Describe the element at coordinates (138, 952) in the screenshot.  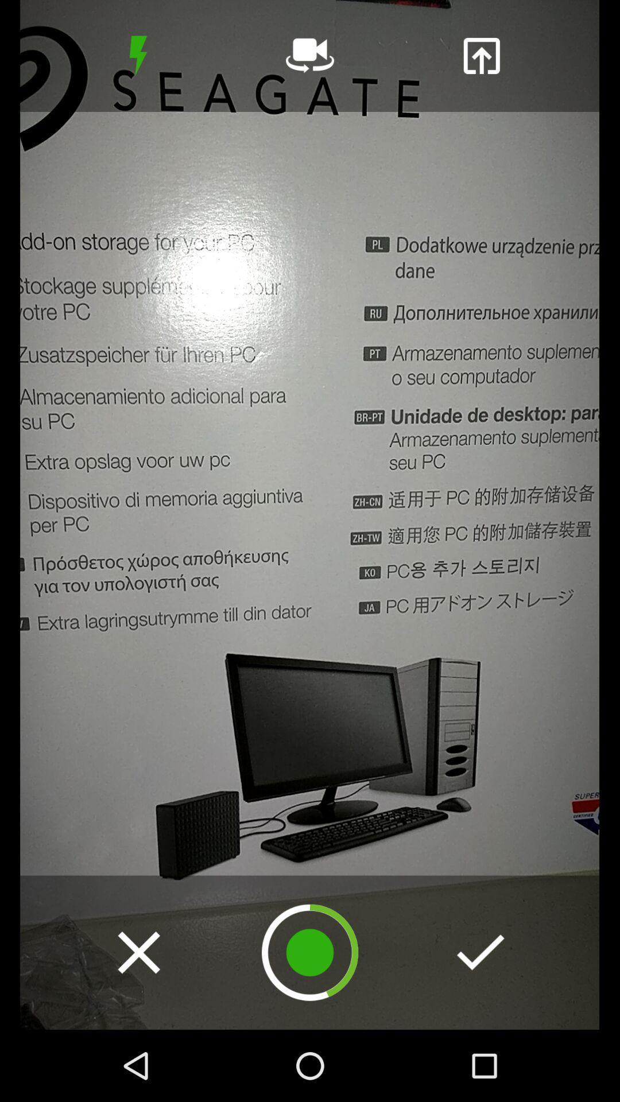
I see `cancel recording` at that location.